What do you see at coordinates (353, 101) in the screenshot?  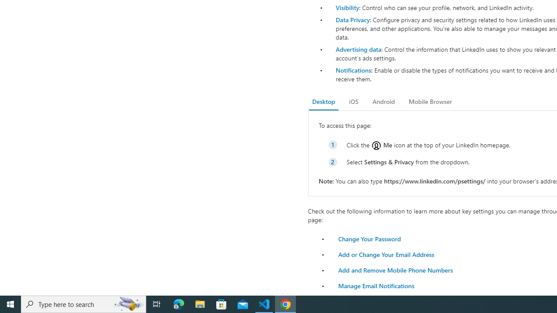 I see `'iOS'` at bounding box center [353, 101].